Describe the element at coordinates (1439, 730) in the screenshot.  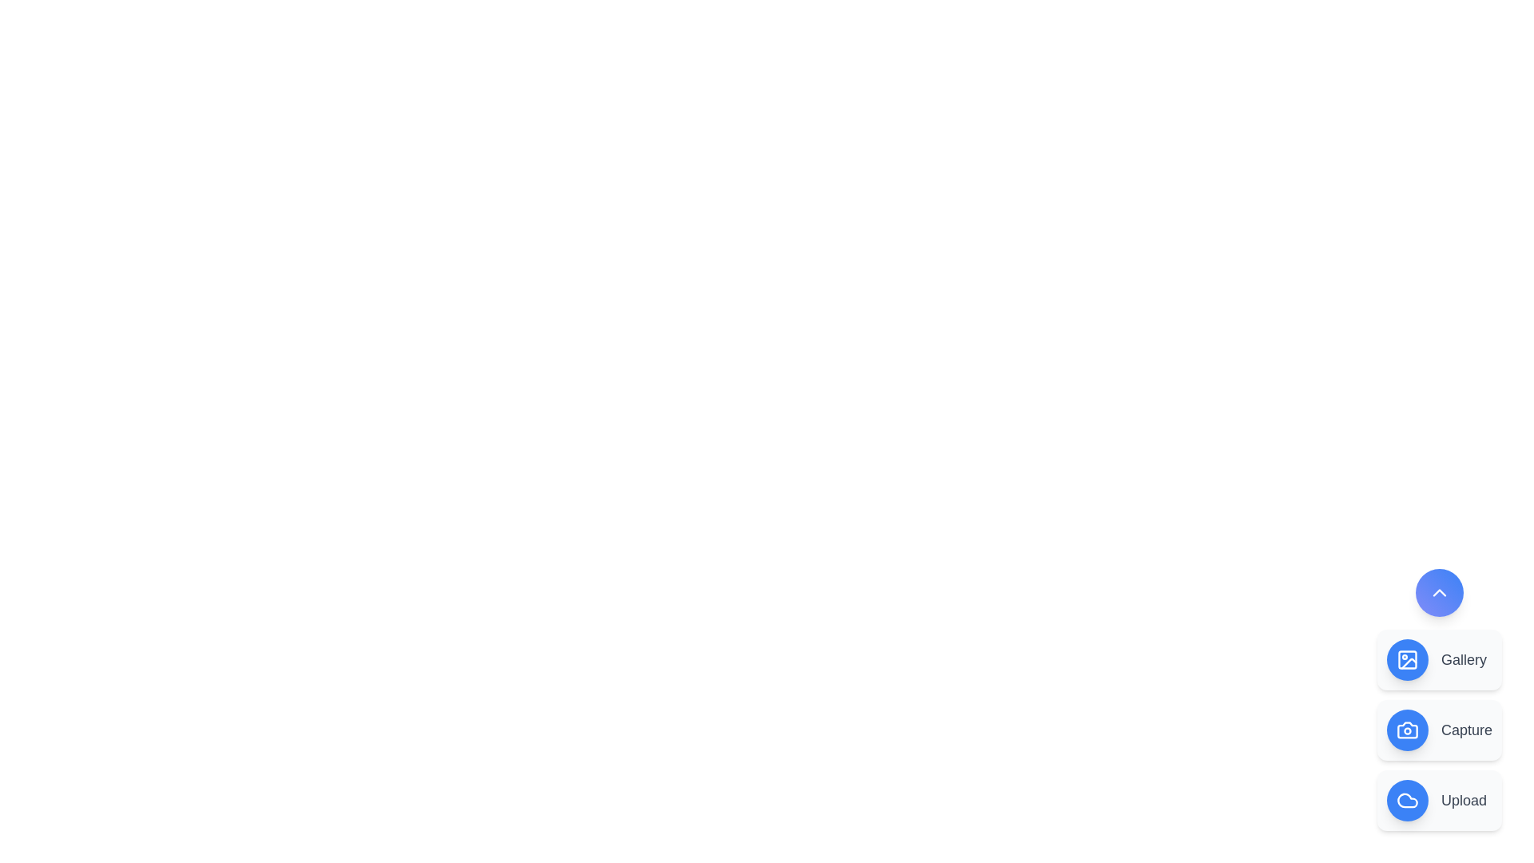
I see `the 'Capture' option in the menu` at that location.